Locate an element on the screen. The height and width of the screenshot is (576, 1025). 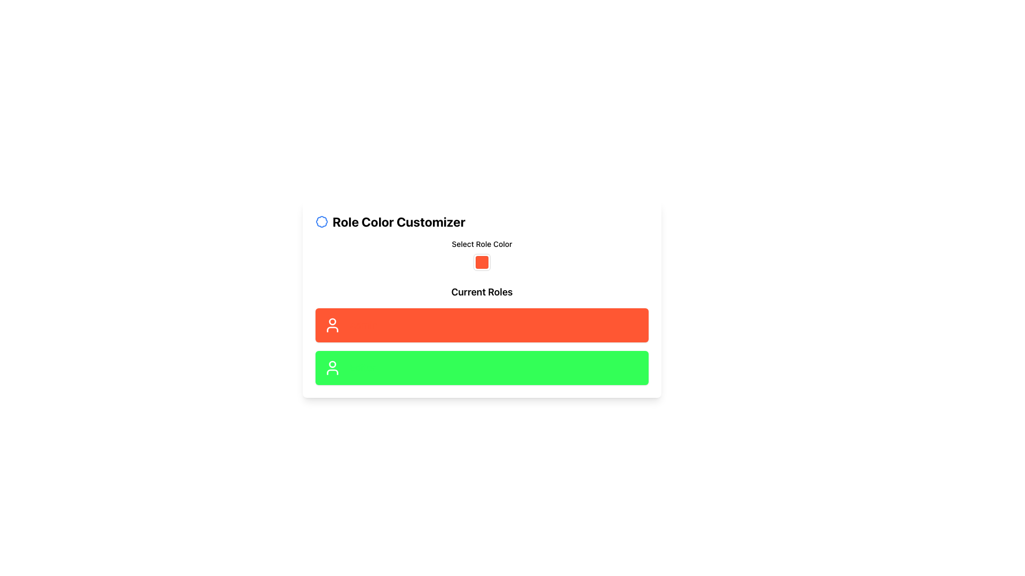
the user profile silhouette icon with a white color against a red background, which is part of a button labeled 'Admin' located at the top of the list of 'Current Roles.' is located at coordinates (332, 324).